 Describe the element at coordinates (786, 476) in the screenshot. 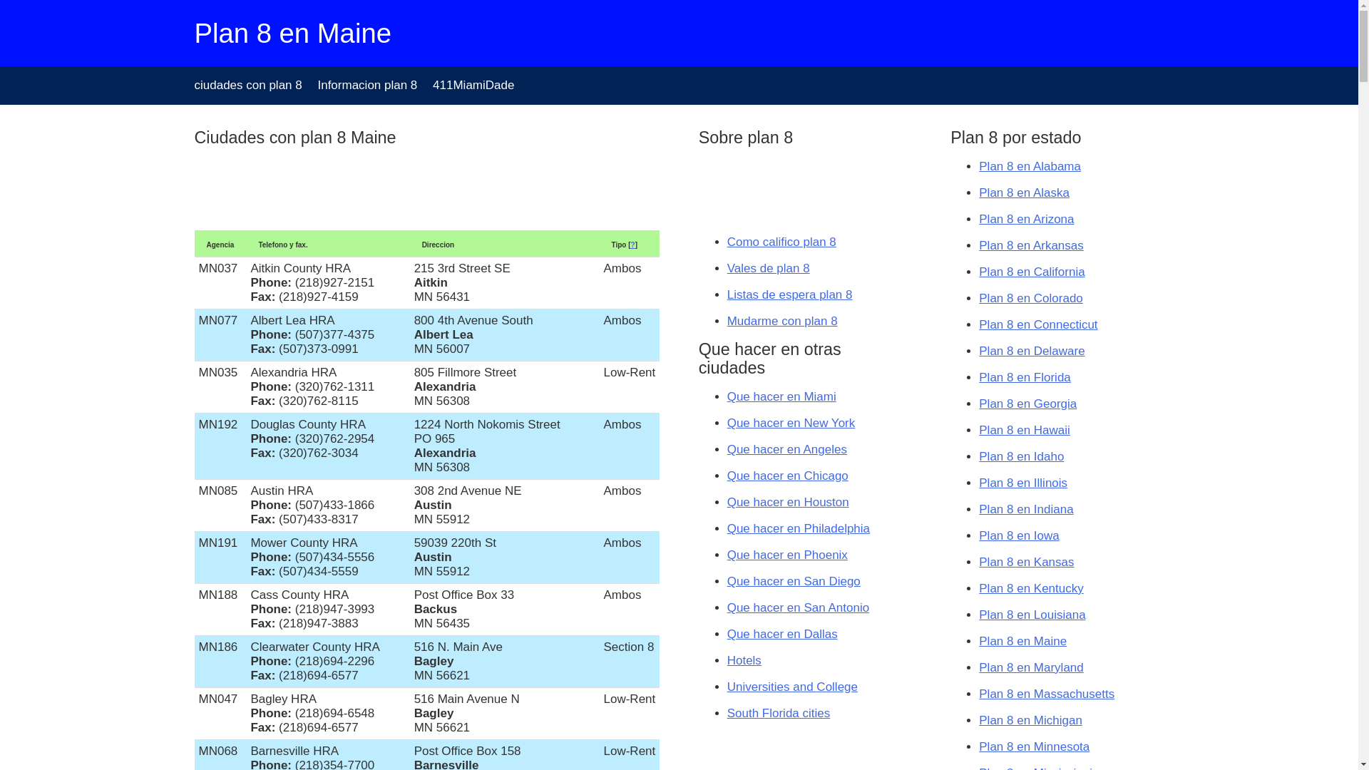

I see `'Que hacer en Chicago'` at that location.